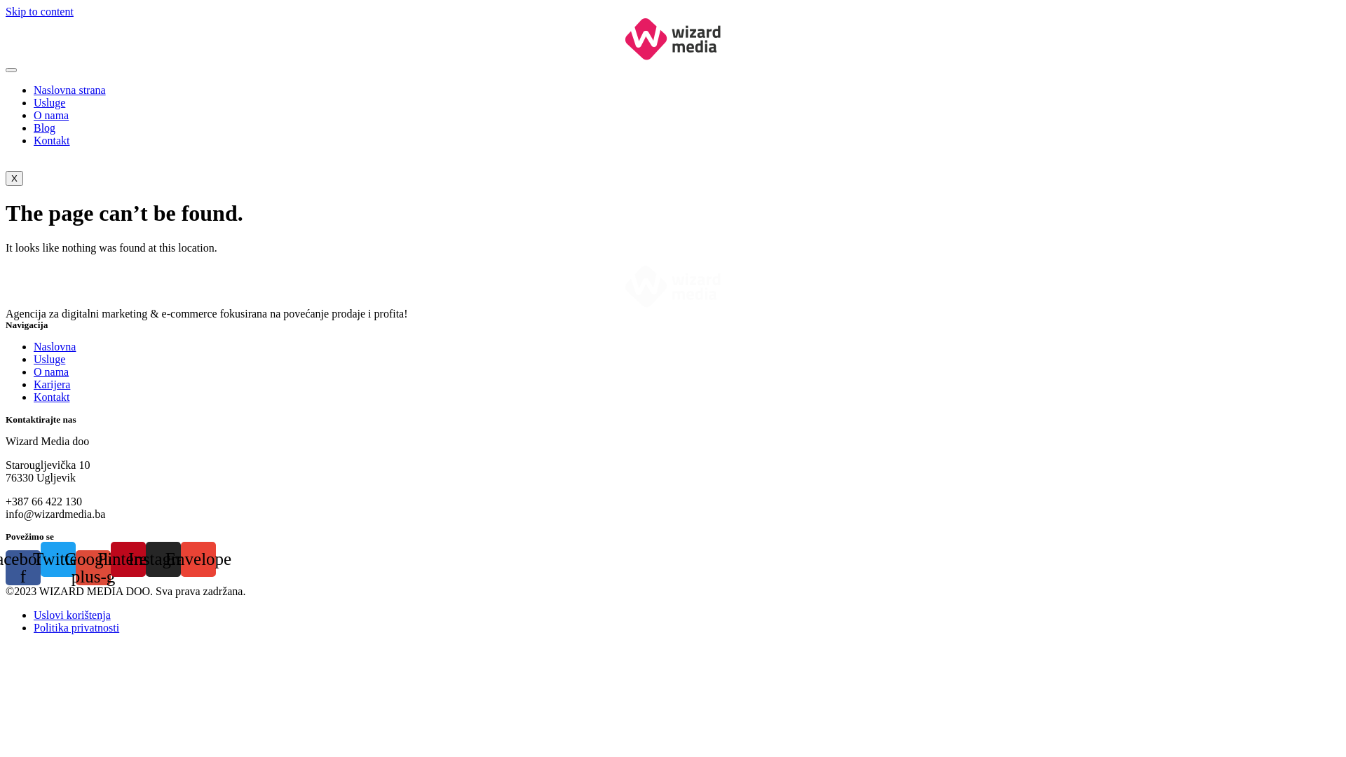 The height and width of the screenshot is (757, 1346). Describe the element at coordinates (198, 559) in the screenshot. I see `'Envelope'` at that location.